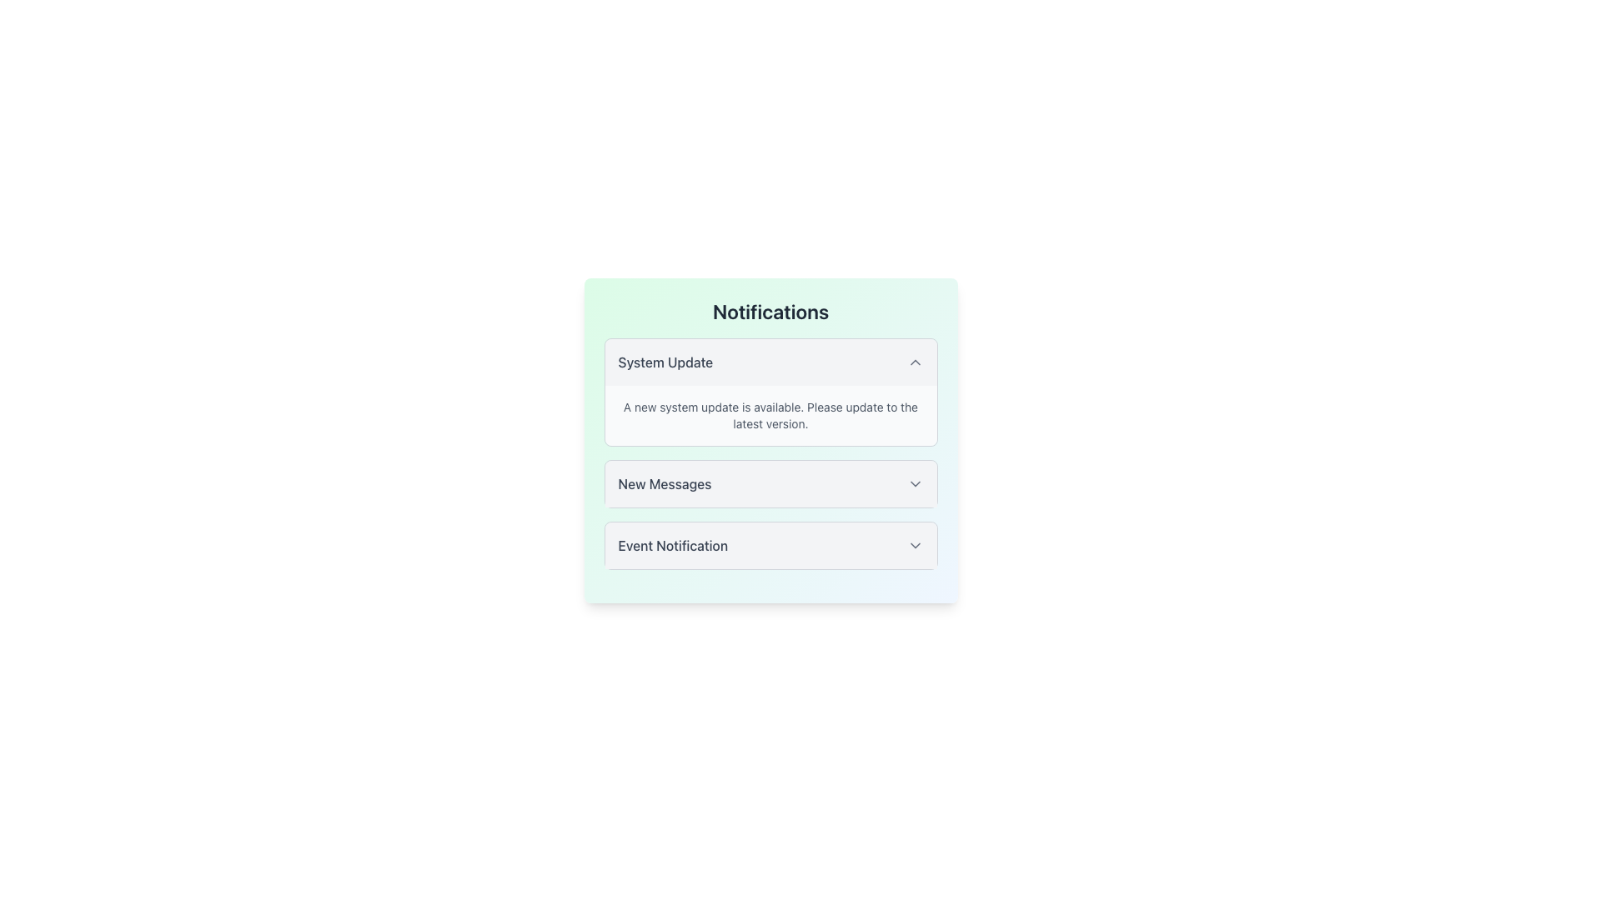  I want to click on the small triangular dropdown indicator icon located to the far right of the 'Event Notification' label, so click(914, 546).